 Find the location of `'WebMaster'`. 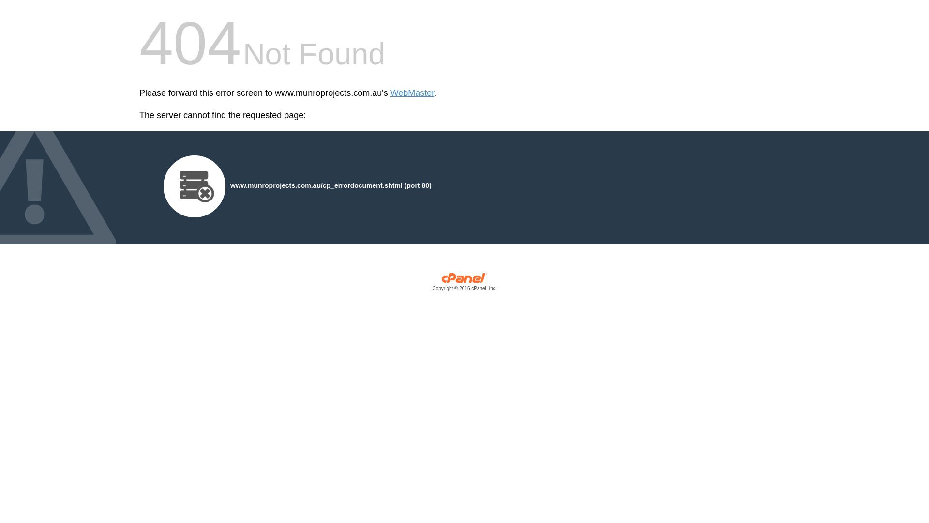

'WebMaster' is located at coordinates (412, 93).